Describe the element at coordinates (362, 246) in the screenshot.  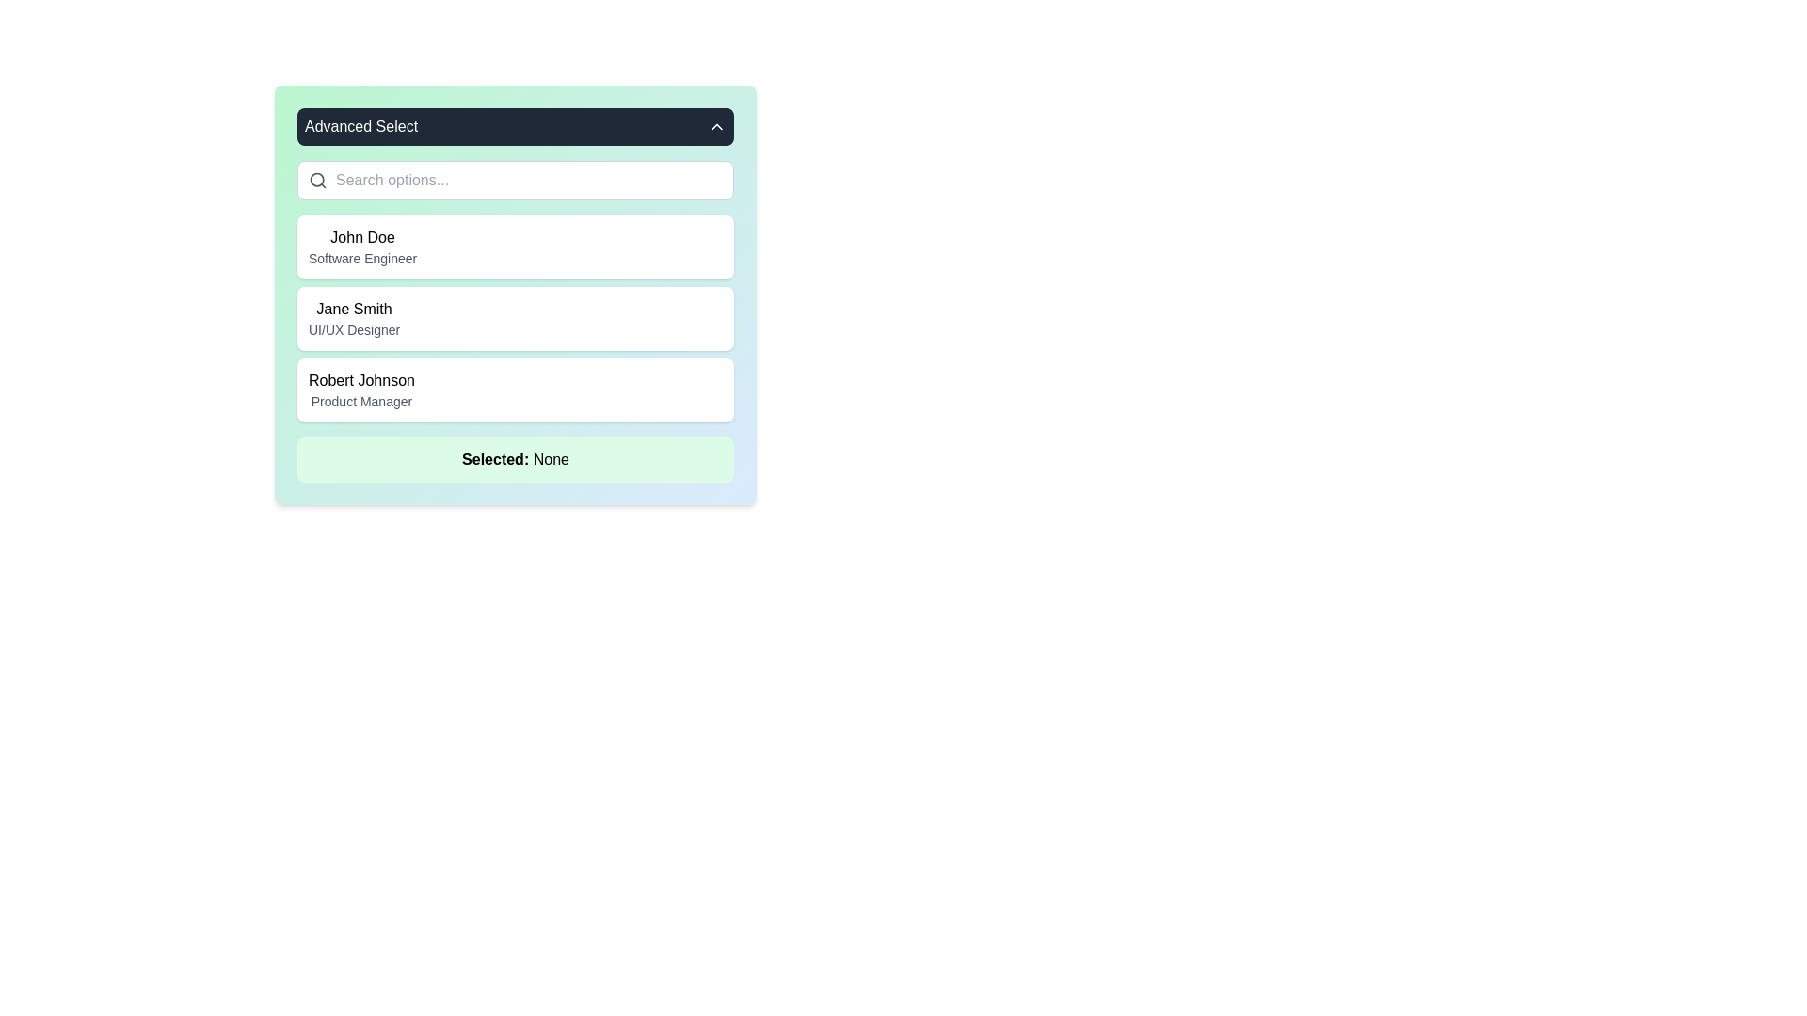
I see `to select the first entry in the selection list displaying a person's name and job title, located beneath the search bar` at that location.